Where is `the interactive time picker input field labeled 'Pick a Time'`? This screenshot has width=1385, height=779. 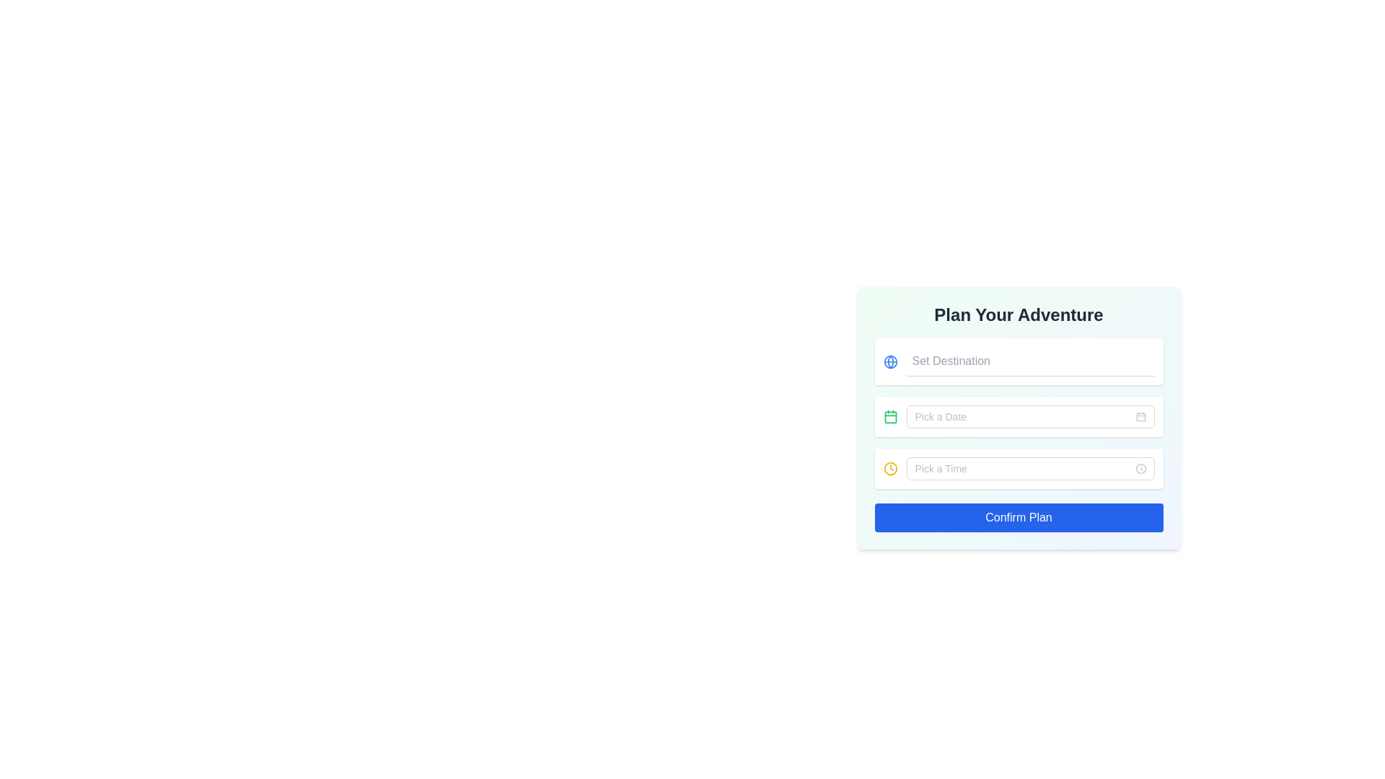
the interactive time picker input field labeled 'Pick a Time' is located at coordinates (1029, 469).